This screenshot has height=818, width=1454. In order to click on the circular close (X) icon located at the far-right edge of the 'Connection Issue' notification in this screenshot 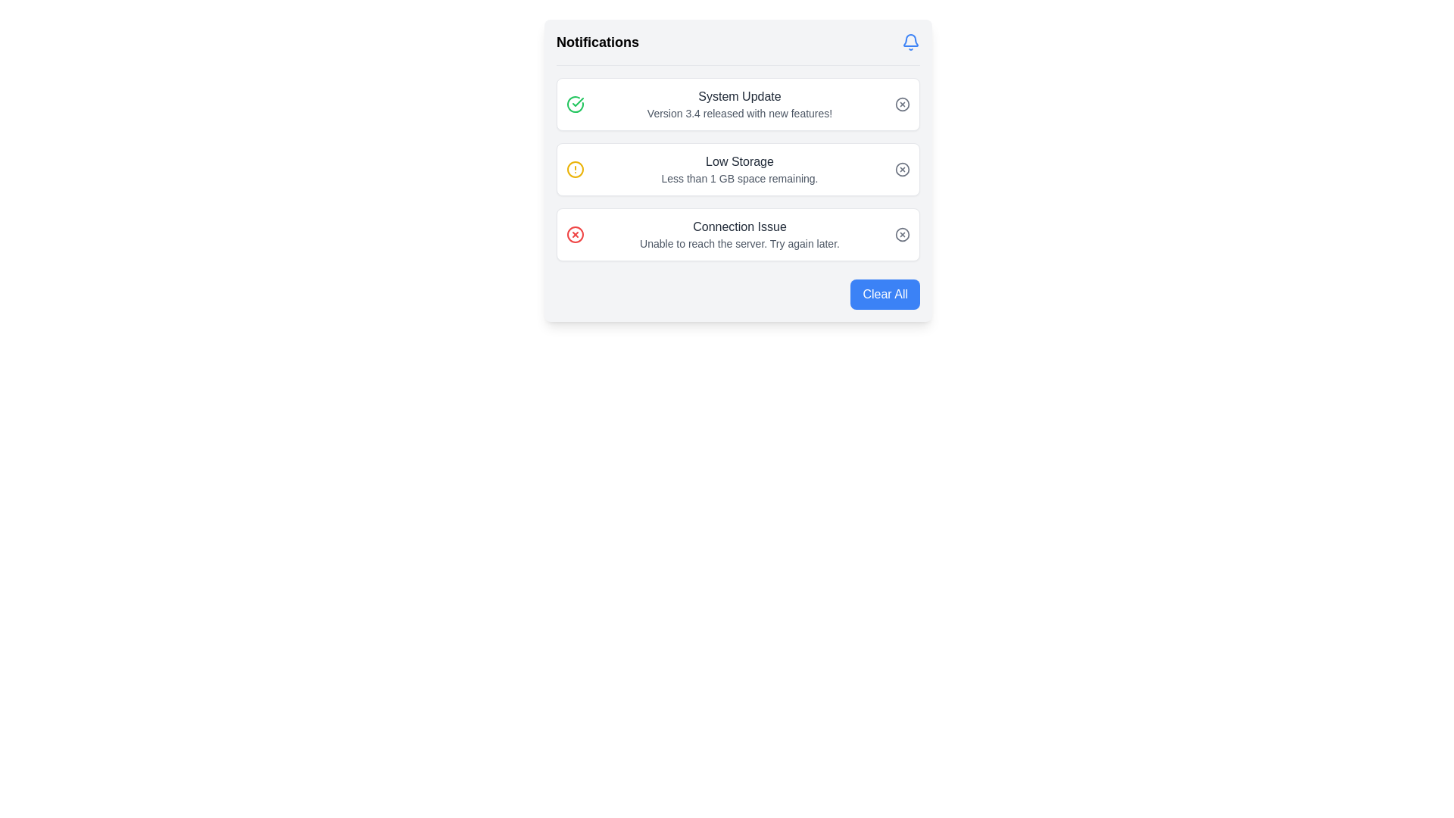, I will do `click(902, 234)`.